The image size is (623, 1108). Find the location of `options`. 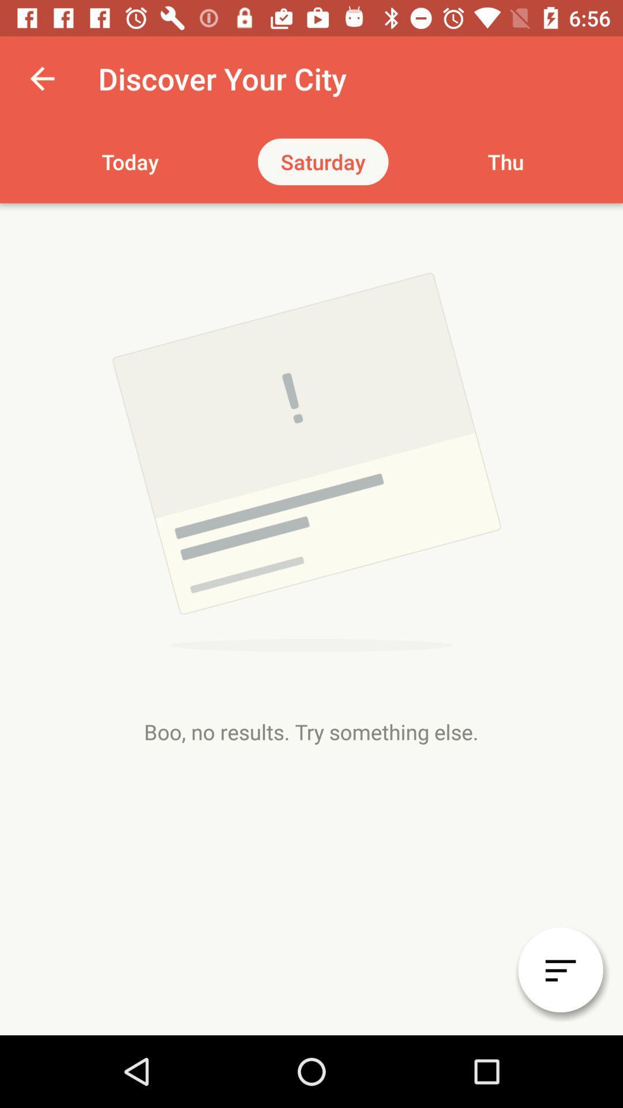

options is located at coordinates (560, 969).